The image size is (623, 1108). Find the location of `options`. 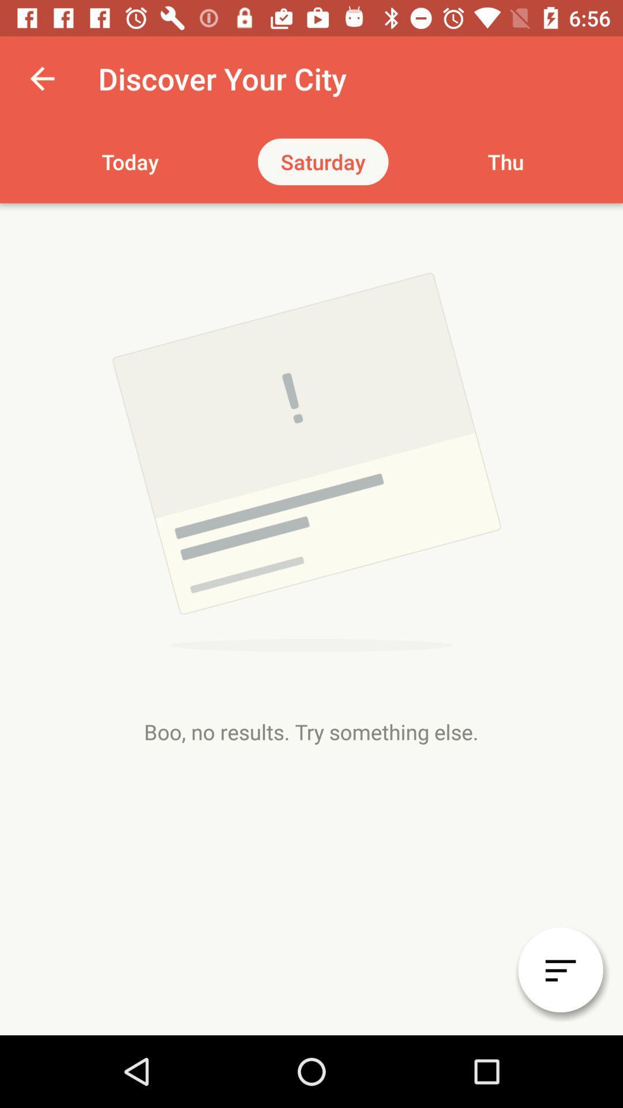

options is located at coordinates (560, 969).